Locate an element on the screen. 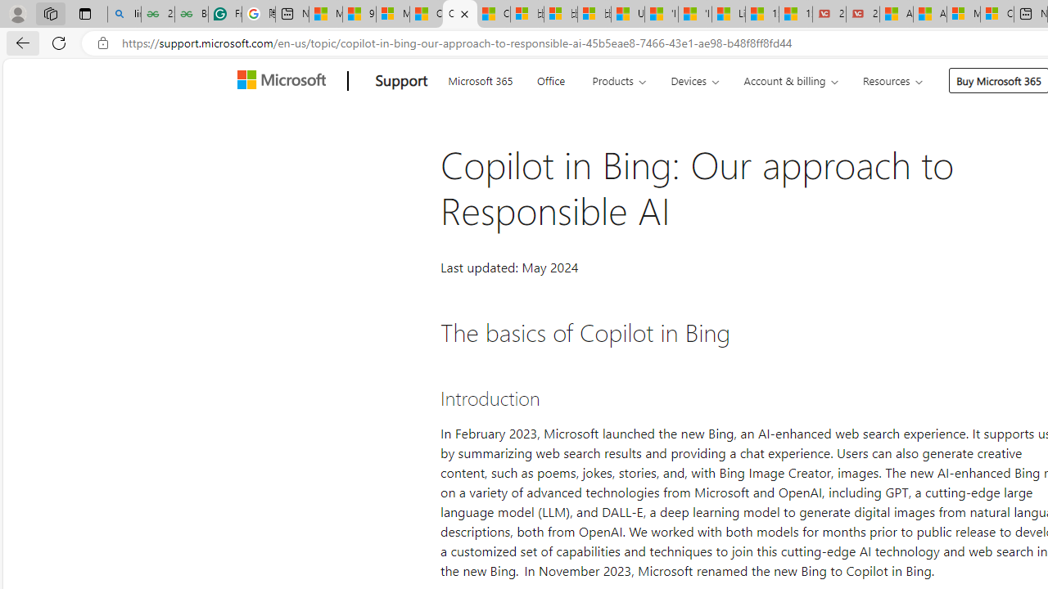  '21 Movies That Outdid the Books They Were Based On' is located at coordinates (862, 14).